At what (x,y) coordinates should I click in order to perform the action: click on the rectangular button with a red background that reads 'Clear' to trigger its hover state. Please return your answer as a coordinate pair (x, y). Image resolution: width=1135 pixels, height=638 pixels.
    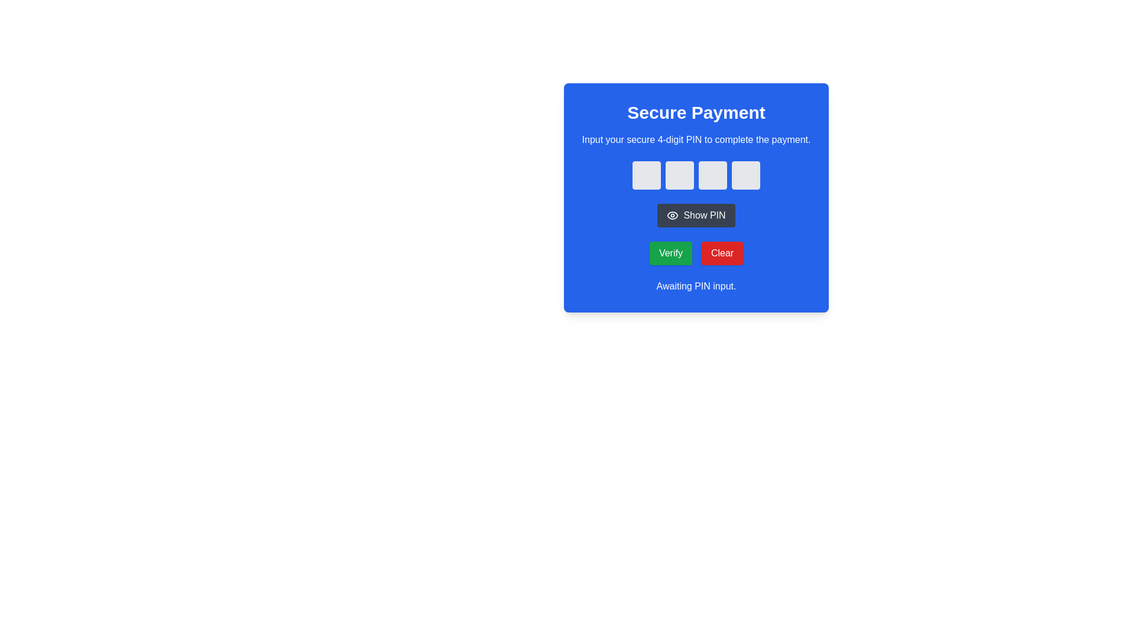
    Looking at the image, I should click on (722, 252).